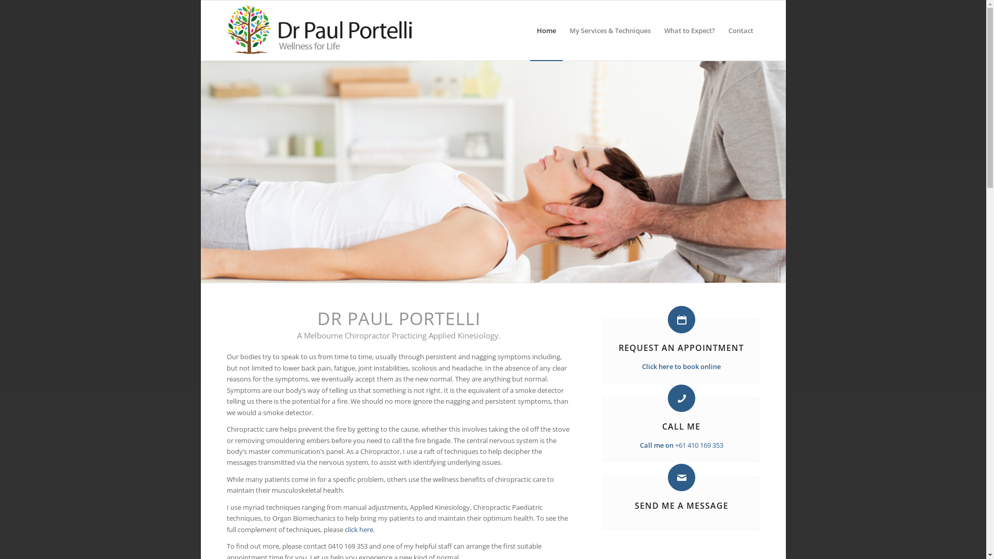 Image resolution: width=994 pixels, height=559 pixels. I want to click on 'Send me a message', so click(668, 477).